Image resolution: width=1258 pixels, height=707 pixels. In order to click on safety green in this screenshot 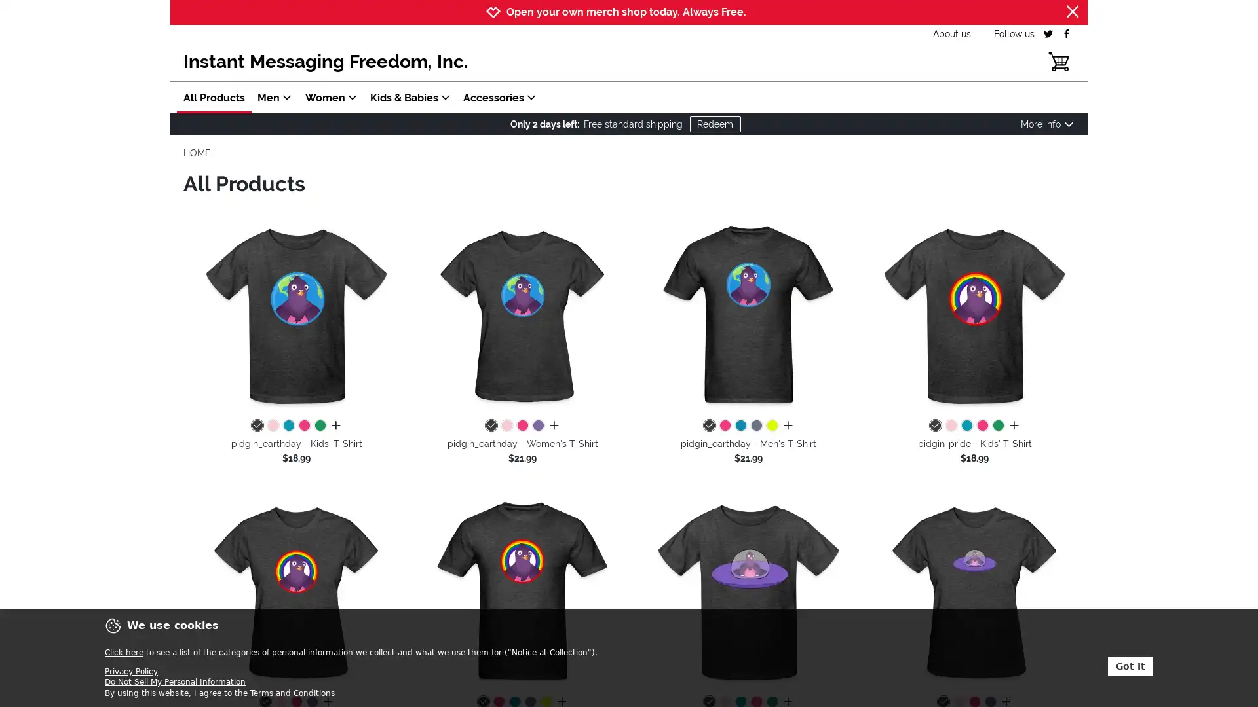, I will do `click(771, 426)`.